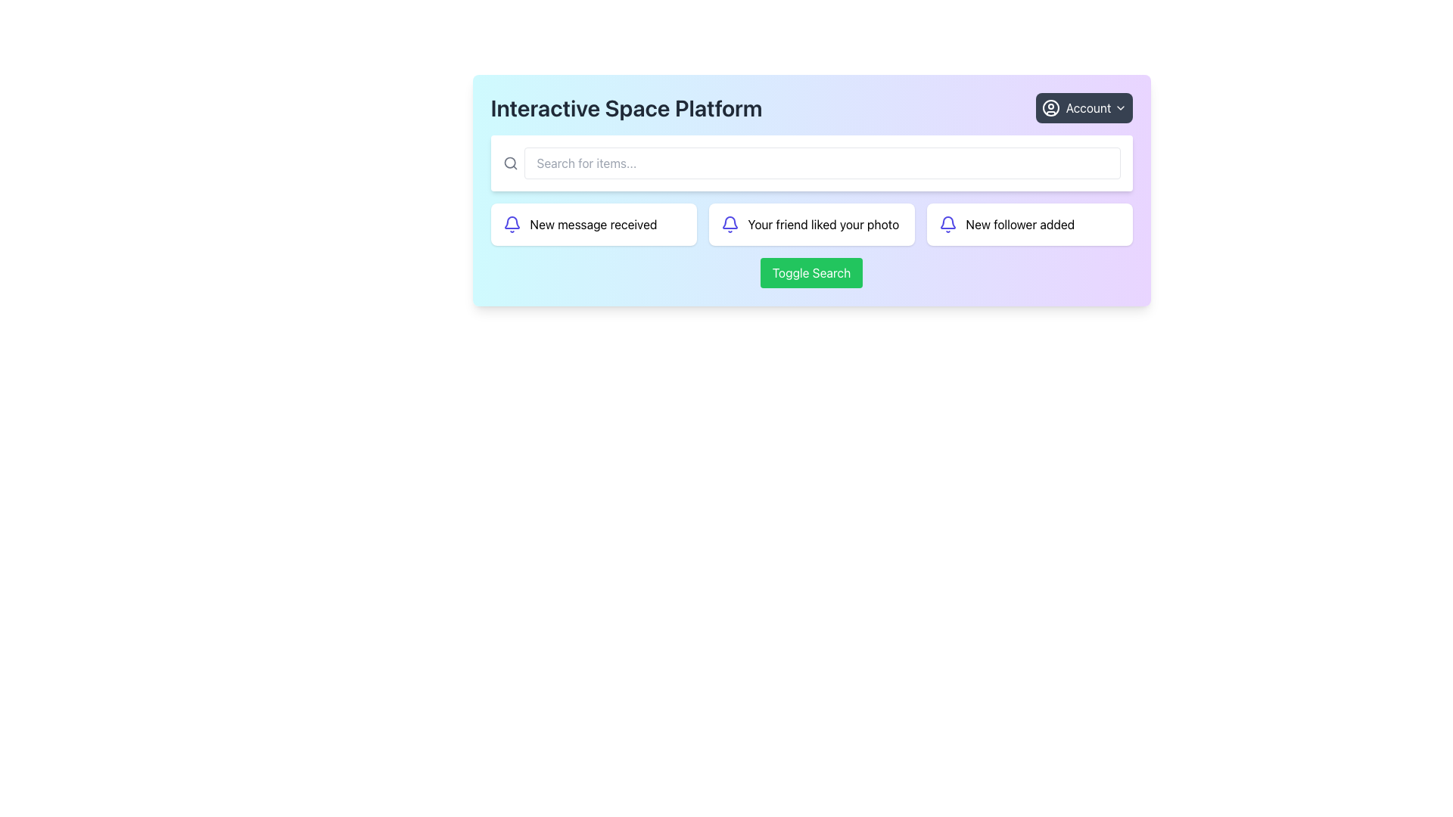 This screenshot has height=817, width=1453. I want to click on the bell icon indicating a new follower notification, which is the second component of the SVG structure in the button located to the far right of the row of three buttons below the search bar, so click(947, 222).